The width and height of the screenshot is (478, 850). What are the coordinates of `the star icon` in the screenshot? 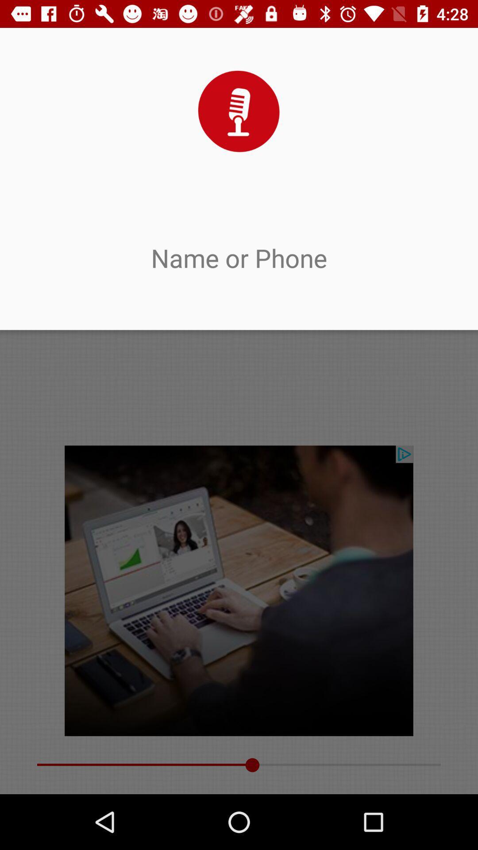 It's located at (293, 60).